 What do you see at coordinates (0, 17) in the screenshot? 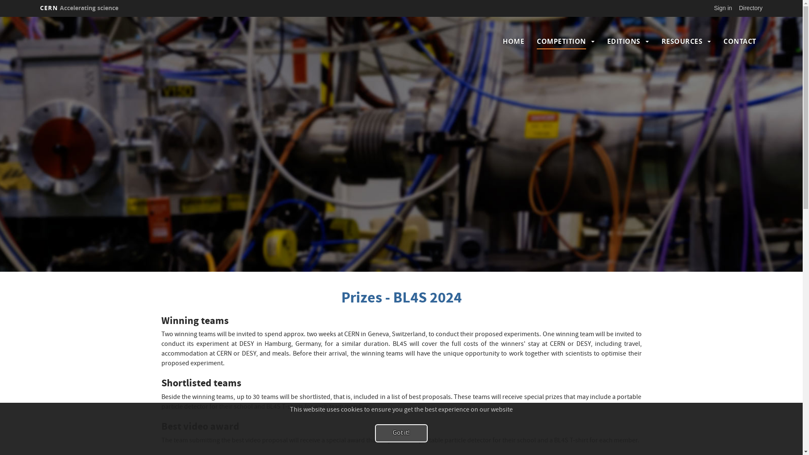
I see `'Skip to main content'` at bounding box center [0, 17].